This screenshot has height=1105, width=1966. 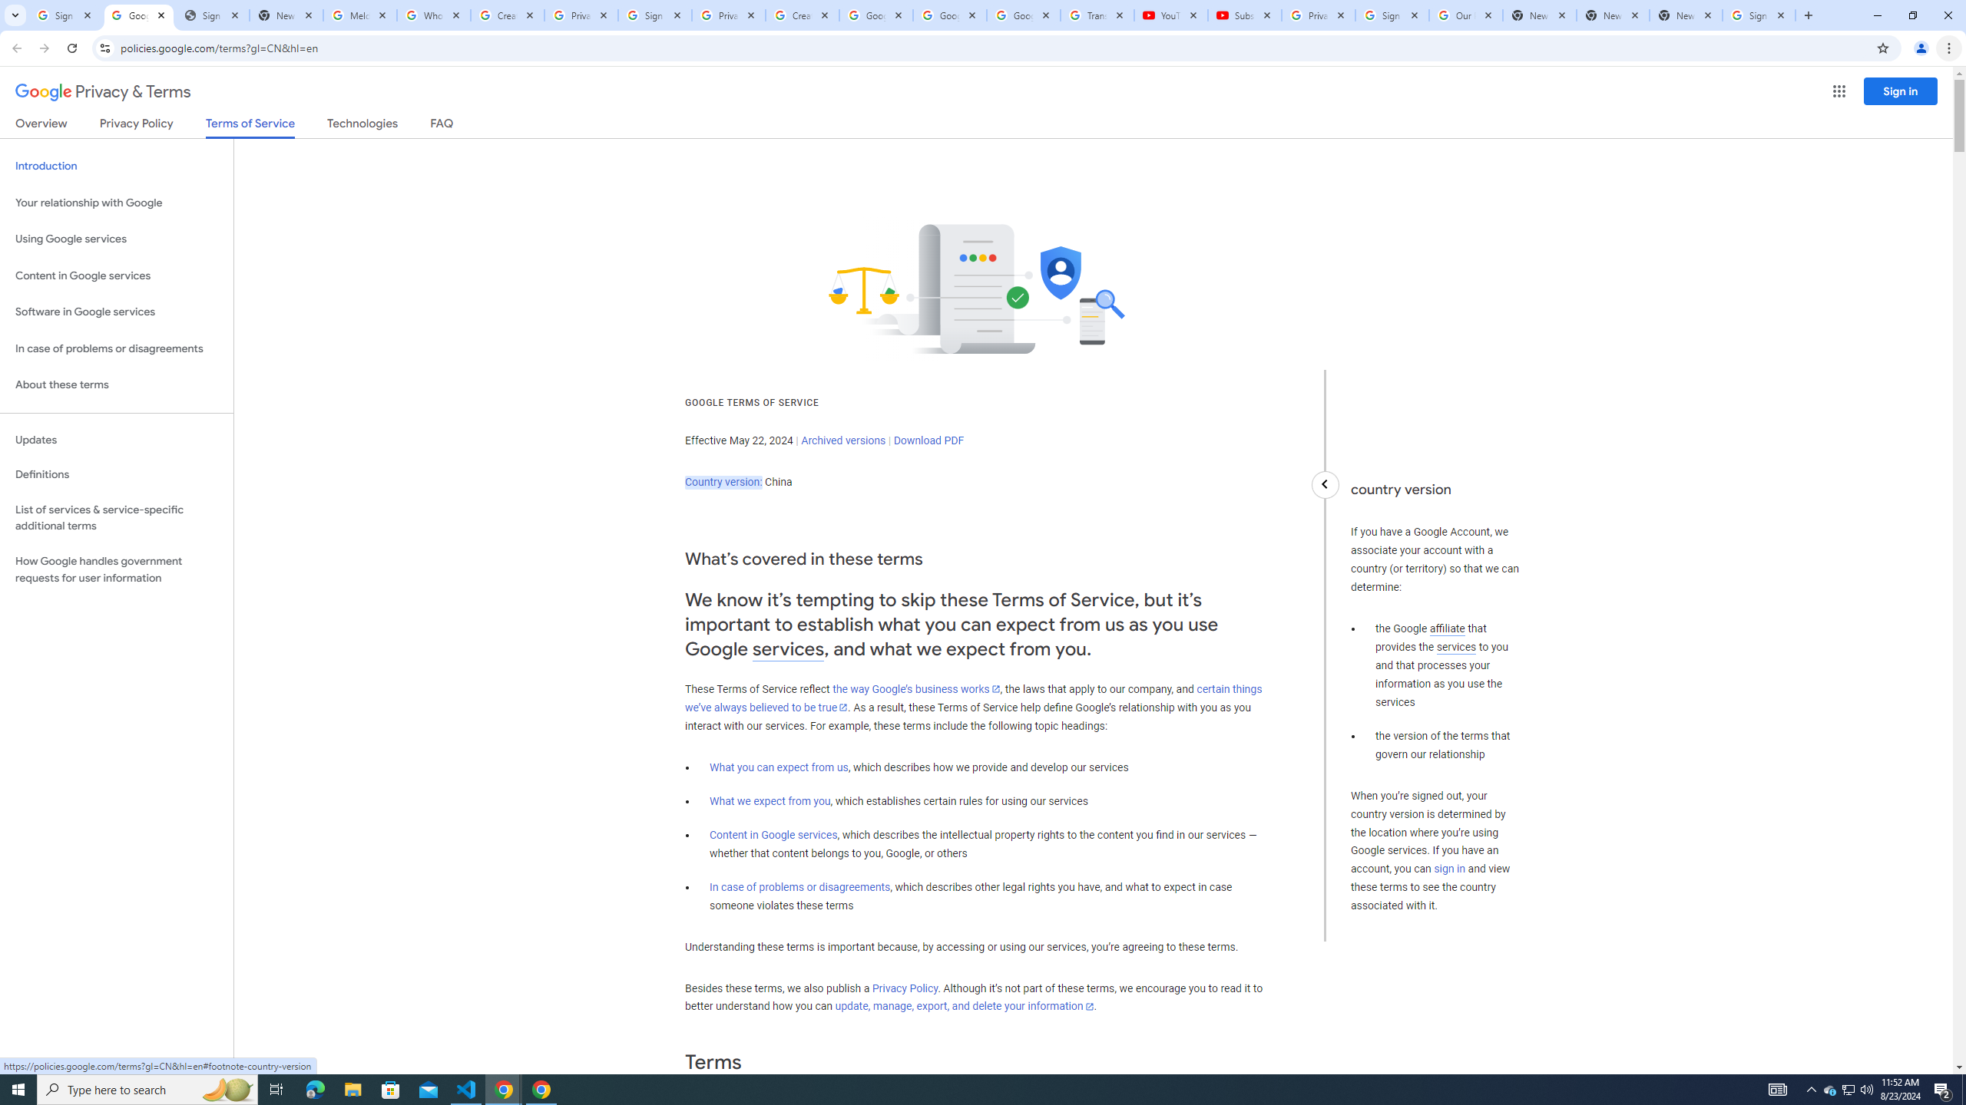 What do you see at coordinates (928, 439) in the screenshot?
I see `'Download PDF'` at bounding box center [928, 439].